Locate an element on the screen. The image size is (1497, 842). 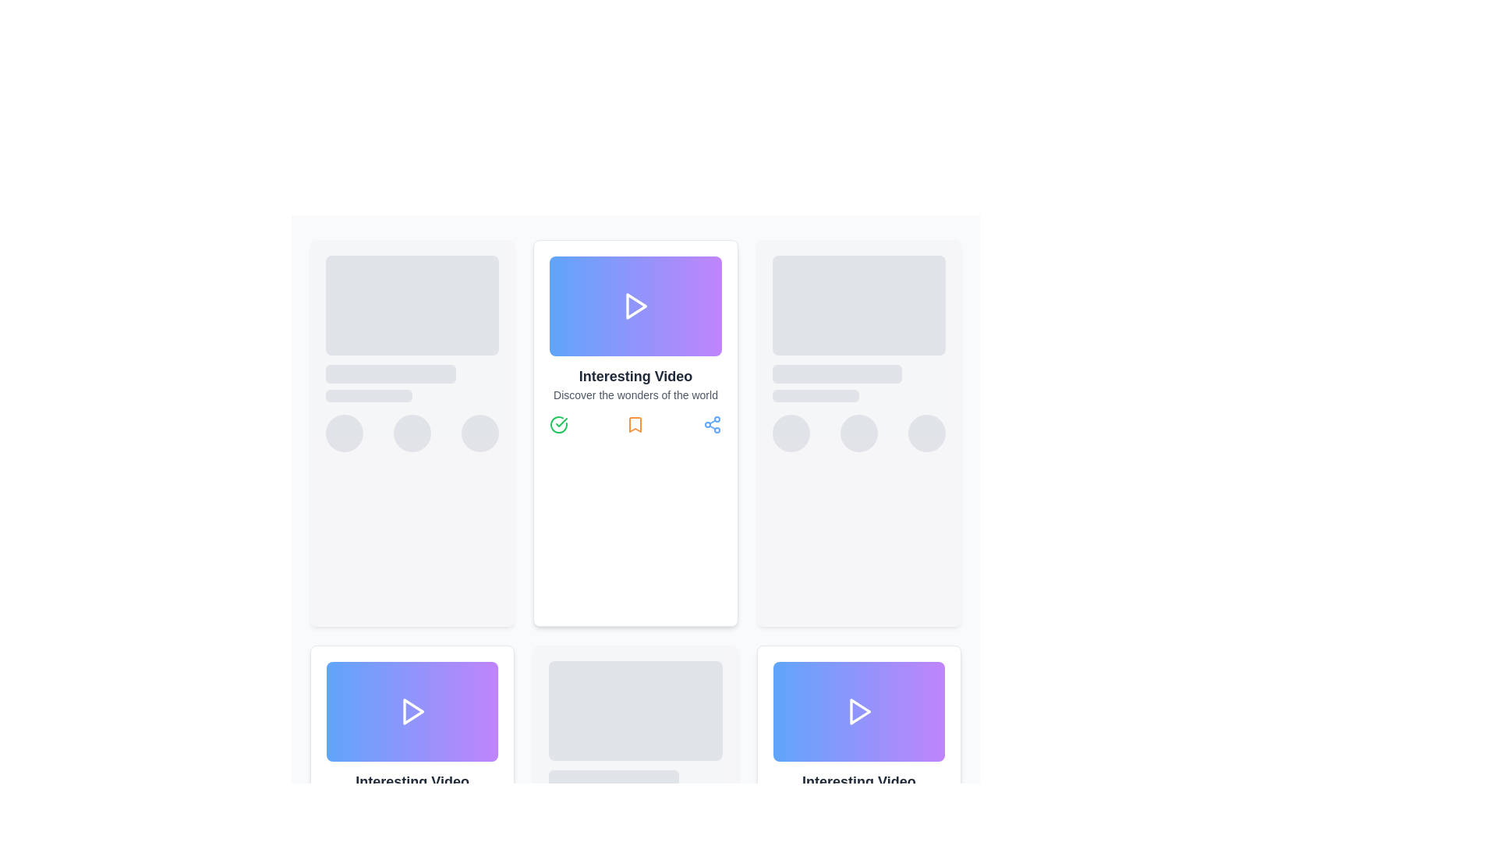
the leftmost icon in the horizontal row of icons at the bottom of the card component, which indicates a completed or validated action is located at coordinates (559, 424).